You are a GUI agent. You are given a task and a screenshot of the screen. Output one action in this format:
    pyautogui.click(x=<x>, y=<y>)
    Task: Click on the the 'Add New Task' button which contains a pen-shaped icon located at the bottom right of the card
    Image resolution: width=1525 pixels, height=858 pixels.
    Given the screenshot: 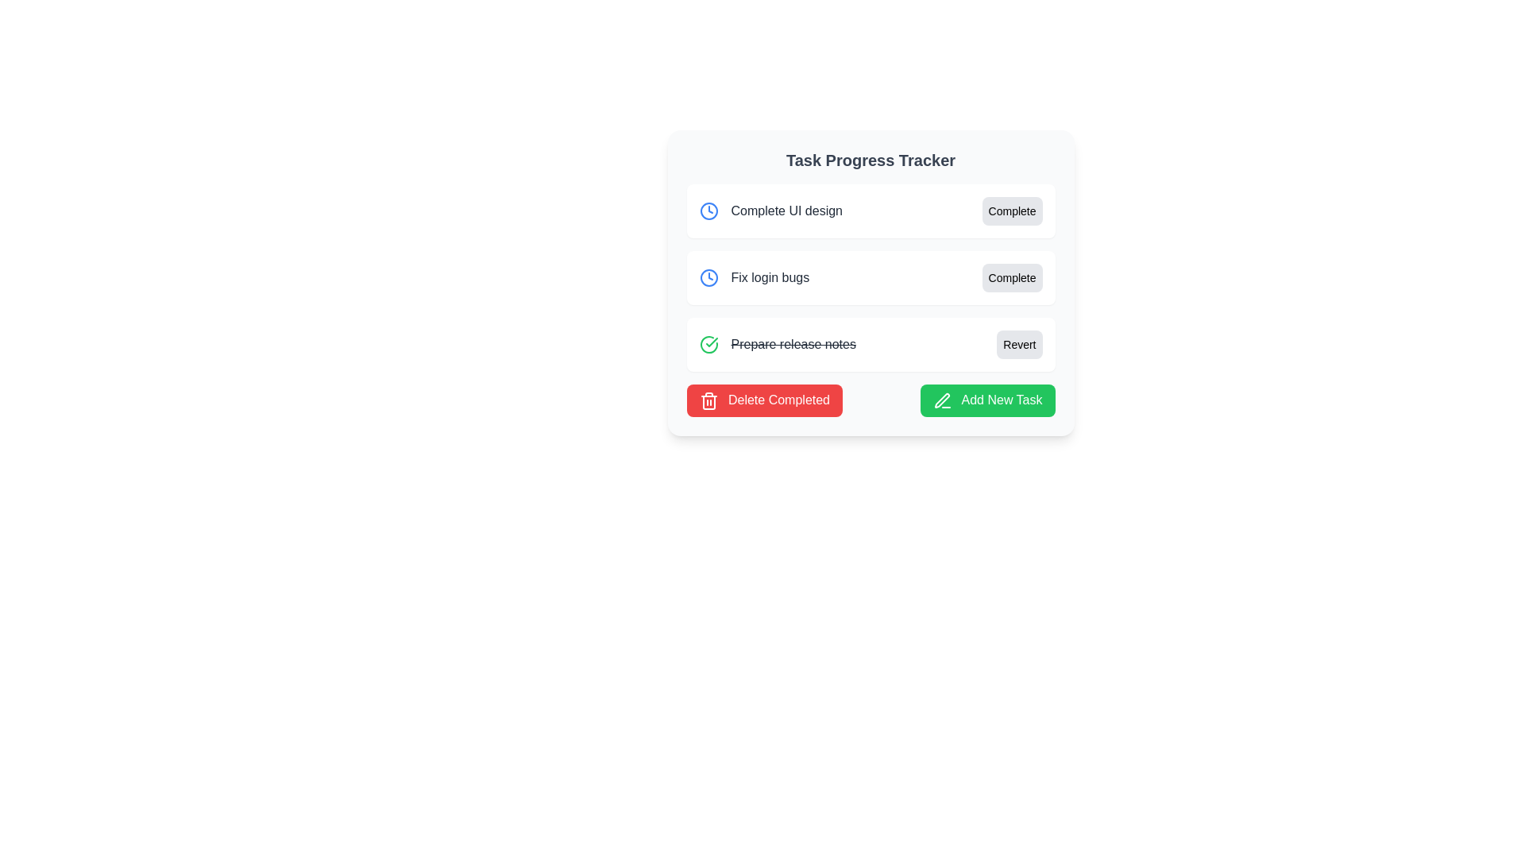 What is the action you would take?
    pyautogui.click(x=942, y=400)
    